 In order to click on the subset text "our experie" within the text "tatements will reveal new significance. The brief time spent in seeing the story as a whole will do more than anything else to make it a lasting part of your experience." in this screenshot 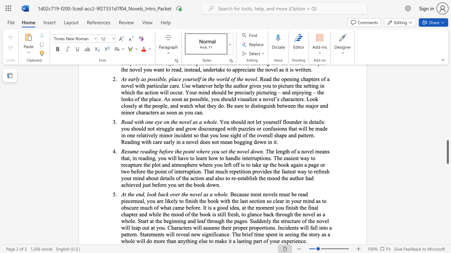, I will do `click(272, 240)`.